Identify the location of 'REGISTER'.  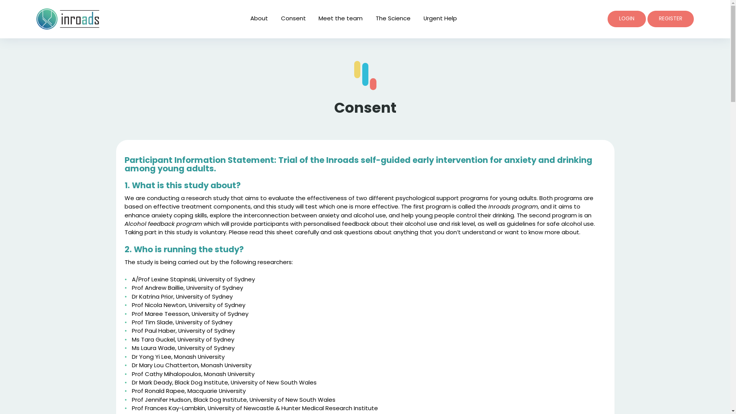
(647, 18).